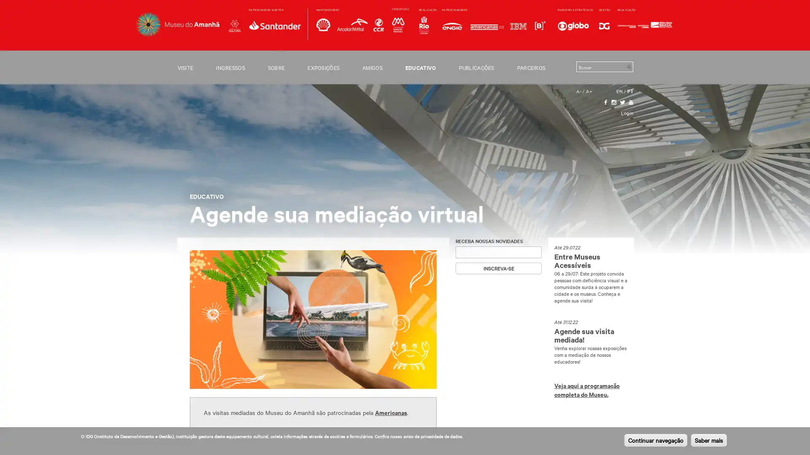 The width and height of the screenshot is (810, 455). What do you see at coordinates (655, 440) in the screenshot?
I see `Continuar navegacao` at bounding box center [655, 440].